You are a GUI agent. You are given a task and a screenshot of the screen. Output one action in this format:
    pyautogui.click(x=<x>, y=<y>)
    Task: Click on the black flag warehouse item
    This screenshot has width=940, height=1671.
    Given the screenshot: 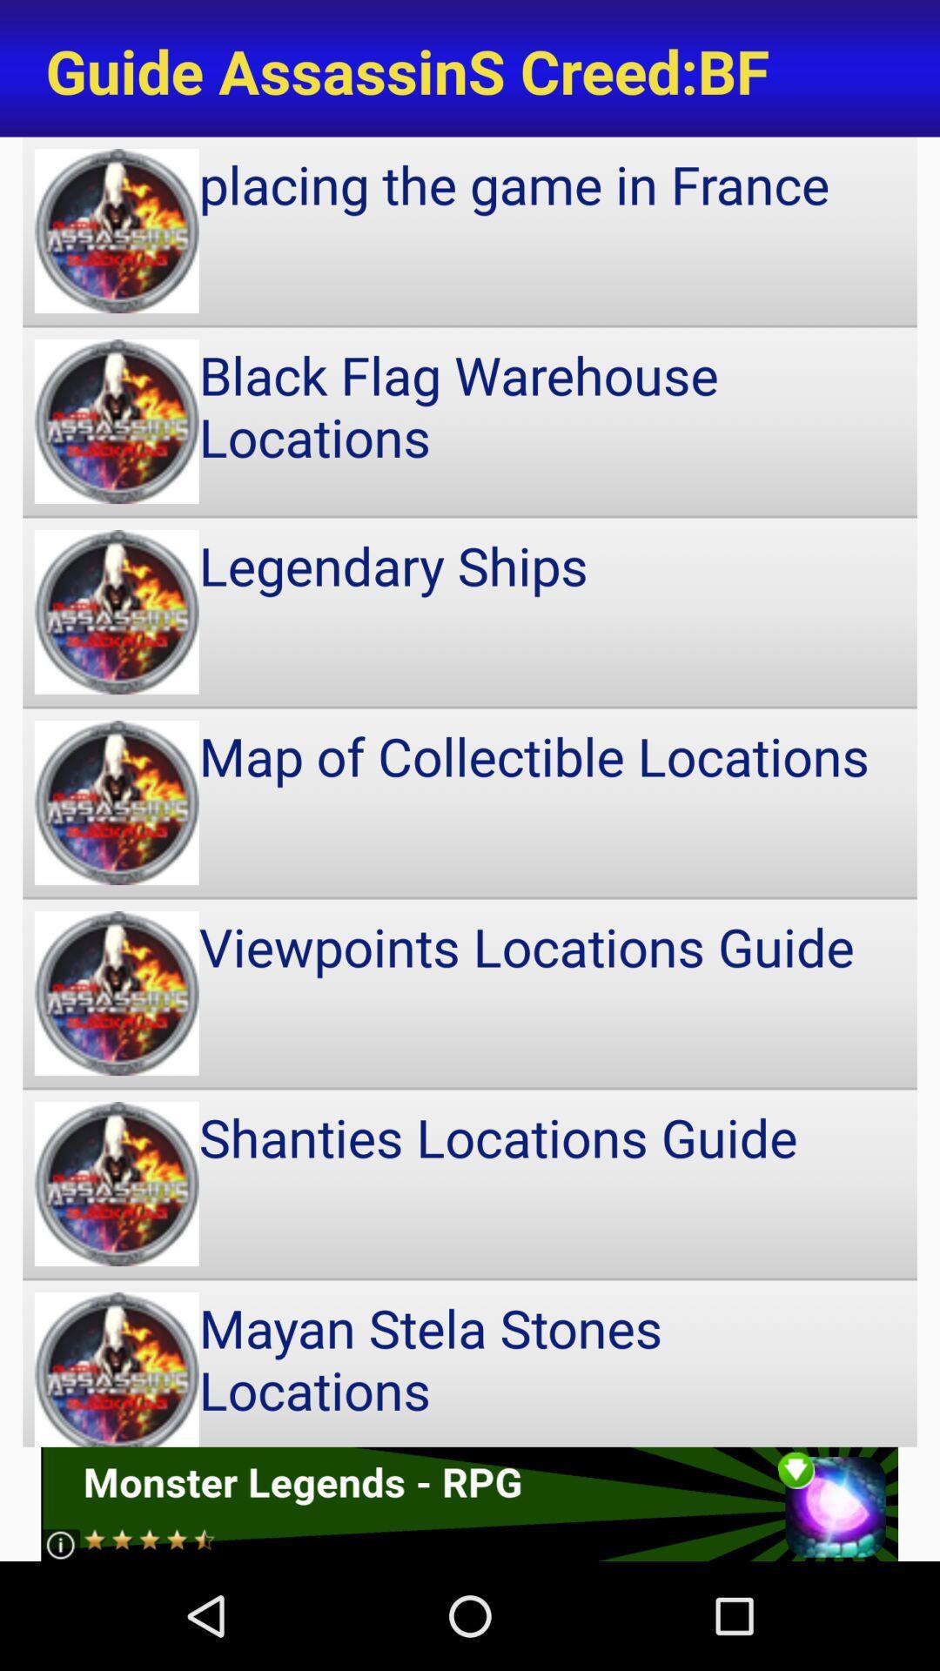 What is the action you would take?
    pyautogui.click(x=470, y=421)
    